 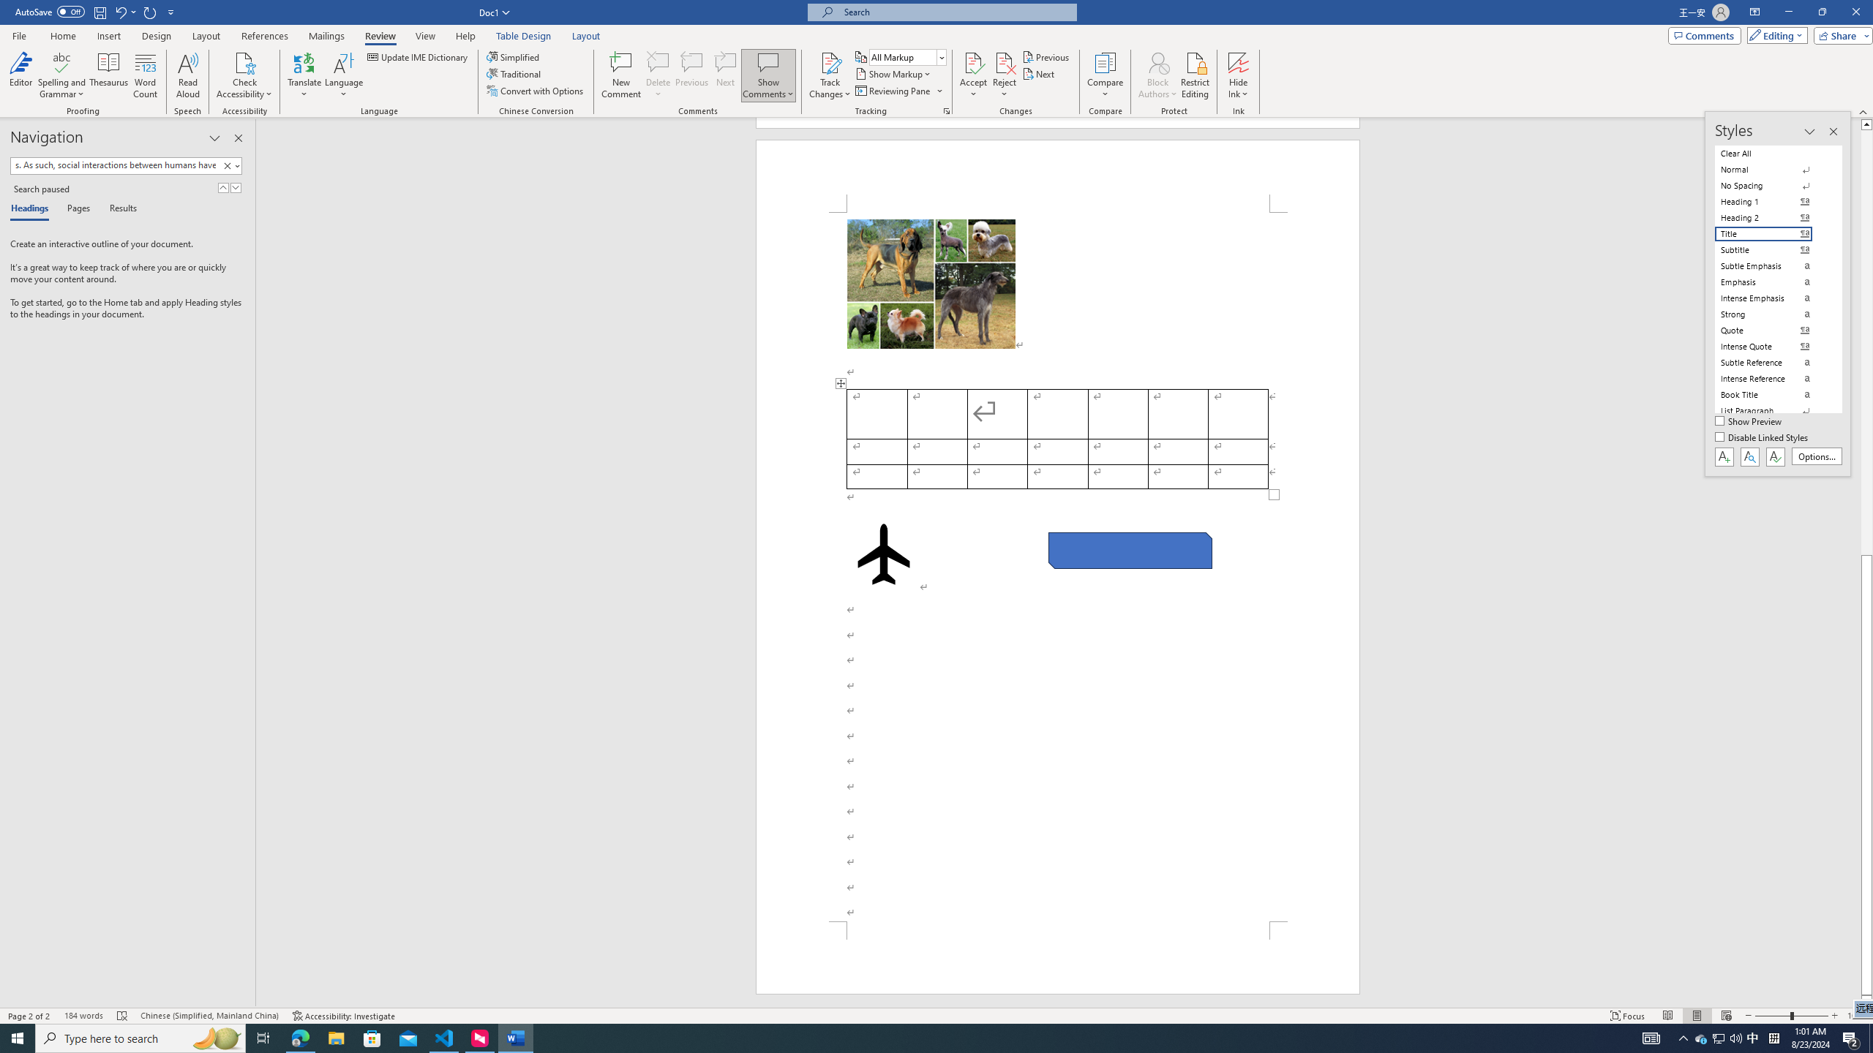 What do you see at coordinates (236, 187) in the screenshot?
I see `'Next Result'` at bounding box center [236, 187].